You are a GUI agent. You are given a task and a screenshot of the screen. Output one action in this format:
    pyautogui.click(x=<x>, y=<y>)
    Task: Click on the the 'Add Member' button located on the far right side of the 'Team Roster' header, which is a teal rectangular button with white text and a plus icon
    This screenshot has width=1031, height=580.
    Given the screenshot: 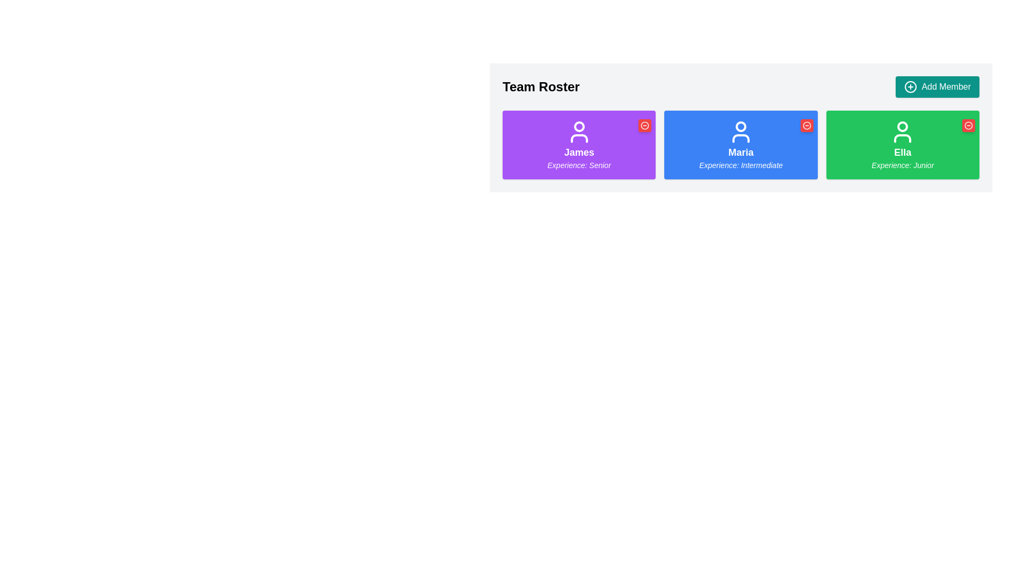 What is the action you would take?
    pyautogui.click(x=937, y=86)
    